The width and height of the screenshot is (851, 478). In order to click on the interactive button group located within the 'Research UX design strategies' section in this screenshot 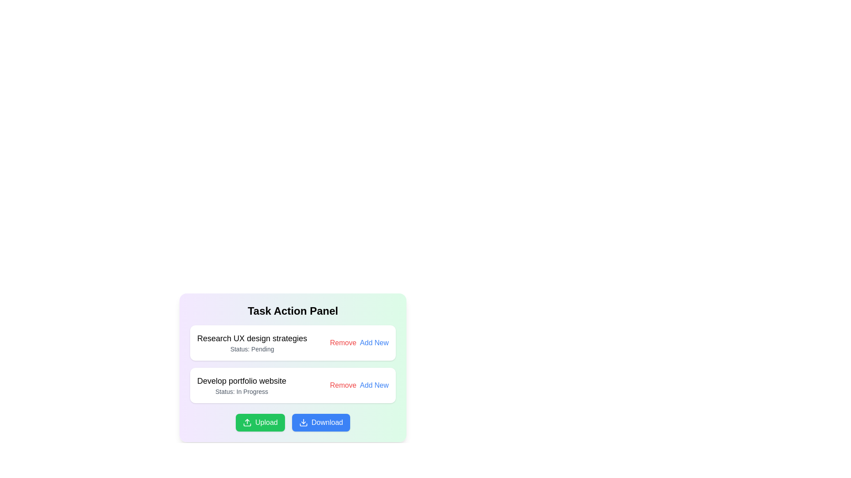, I will do `click(359, 343)`.